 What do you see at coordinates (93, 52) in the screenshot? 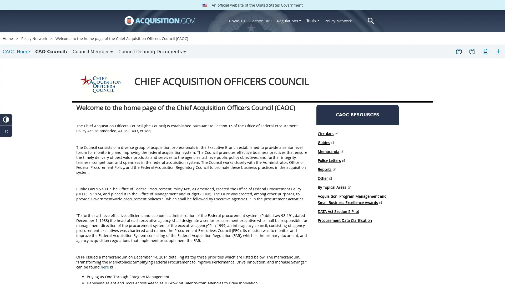
I see `Council Member cao_menu` at bounding box center [93, 52].